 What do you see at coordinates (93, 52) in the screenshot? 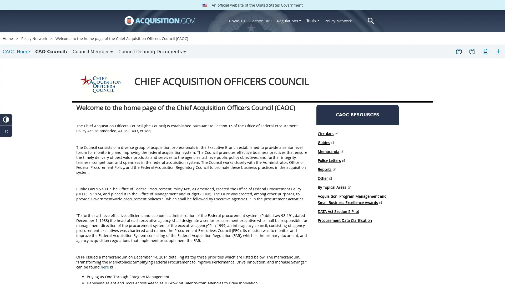
I see `Council Member cao_menu` at bounding box center [93, 52].